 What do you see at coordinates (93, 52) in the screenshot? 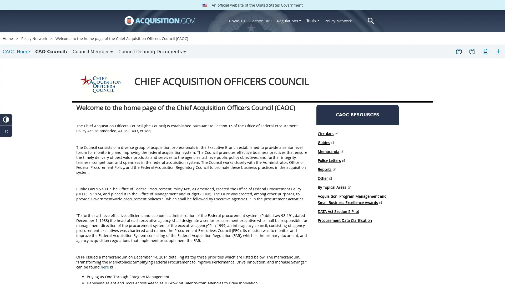
I see `Council Member cao_menu` at bounding box center [93, 52].